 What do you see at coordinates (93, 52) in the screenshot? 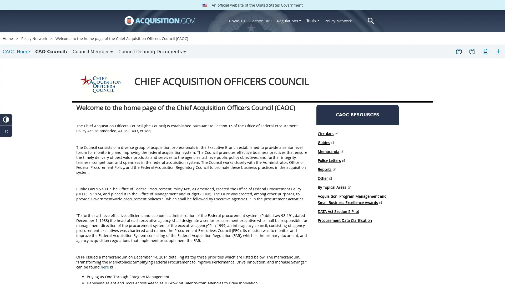
I see `Council Member cao_menu` at bounding box center [93, 52].